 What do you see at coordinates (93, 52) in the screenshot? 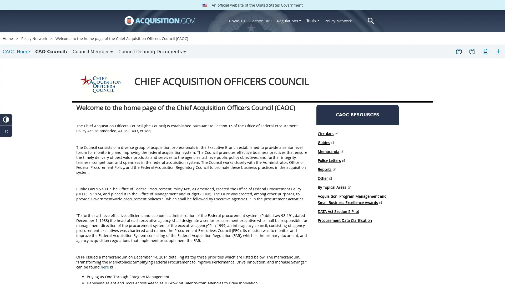
I see `Council Member cao_menu` at bounding box center [93, 52].